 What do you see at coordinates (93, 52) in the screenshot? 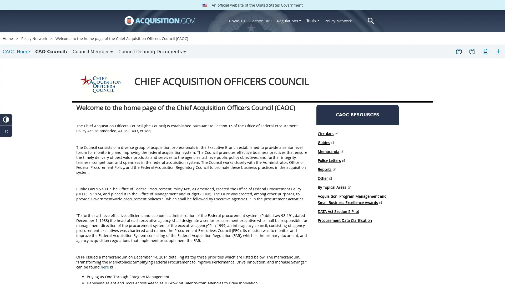
I see `Council Member cao_menu` at bounding box center [93, 52].